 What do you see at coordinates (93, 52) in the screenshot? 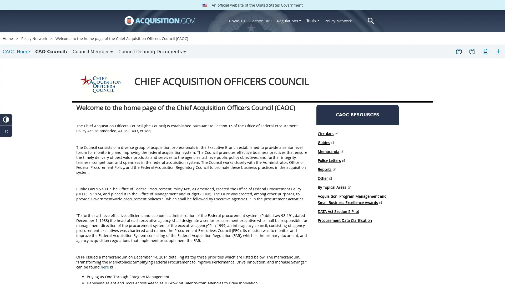
I see `Council Member cao_menu` at bounding box center [93, 52].